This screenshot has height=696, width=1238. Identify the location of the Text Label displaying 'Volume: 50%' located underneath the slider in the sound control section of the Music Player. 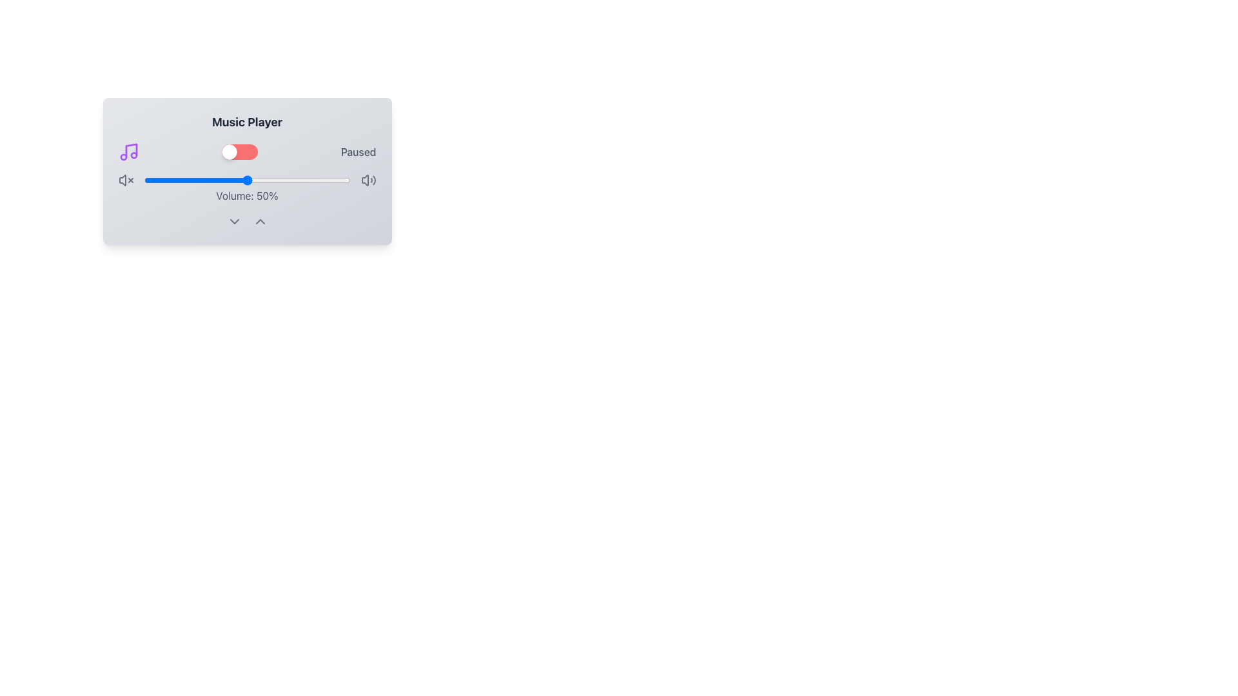
(247, 188).